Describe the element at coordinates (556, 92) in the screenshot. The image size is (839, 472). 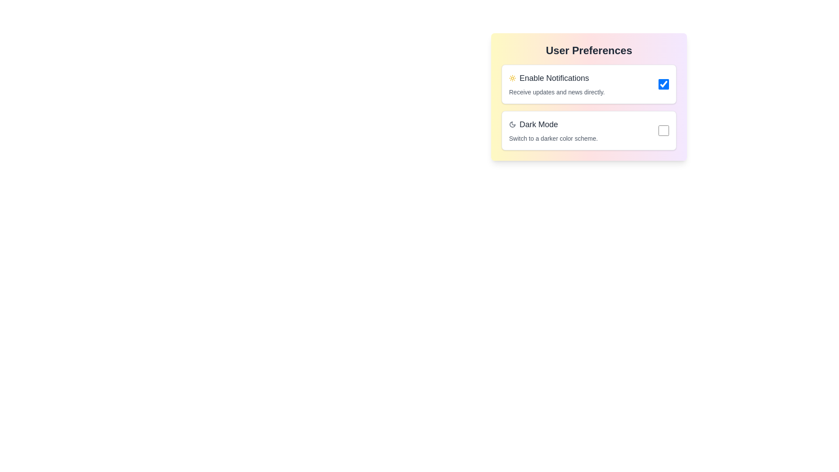
I see `the descriptive label located directly below the 'Enable Notifications' text, which provides details about the toggle option above it` at that location.